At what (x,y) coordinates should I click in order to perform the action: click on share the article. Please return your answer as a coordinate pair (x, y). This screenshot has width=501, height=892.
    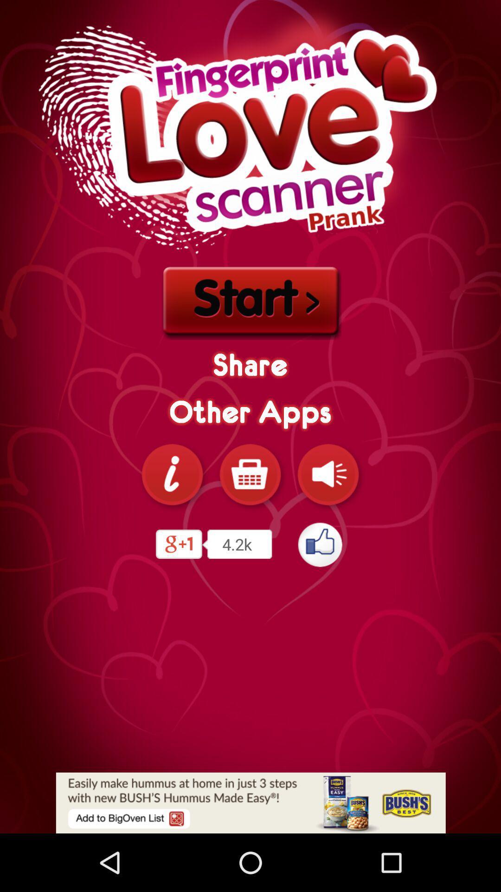
    Looking at the image, I should click on (250, 802).